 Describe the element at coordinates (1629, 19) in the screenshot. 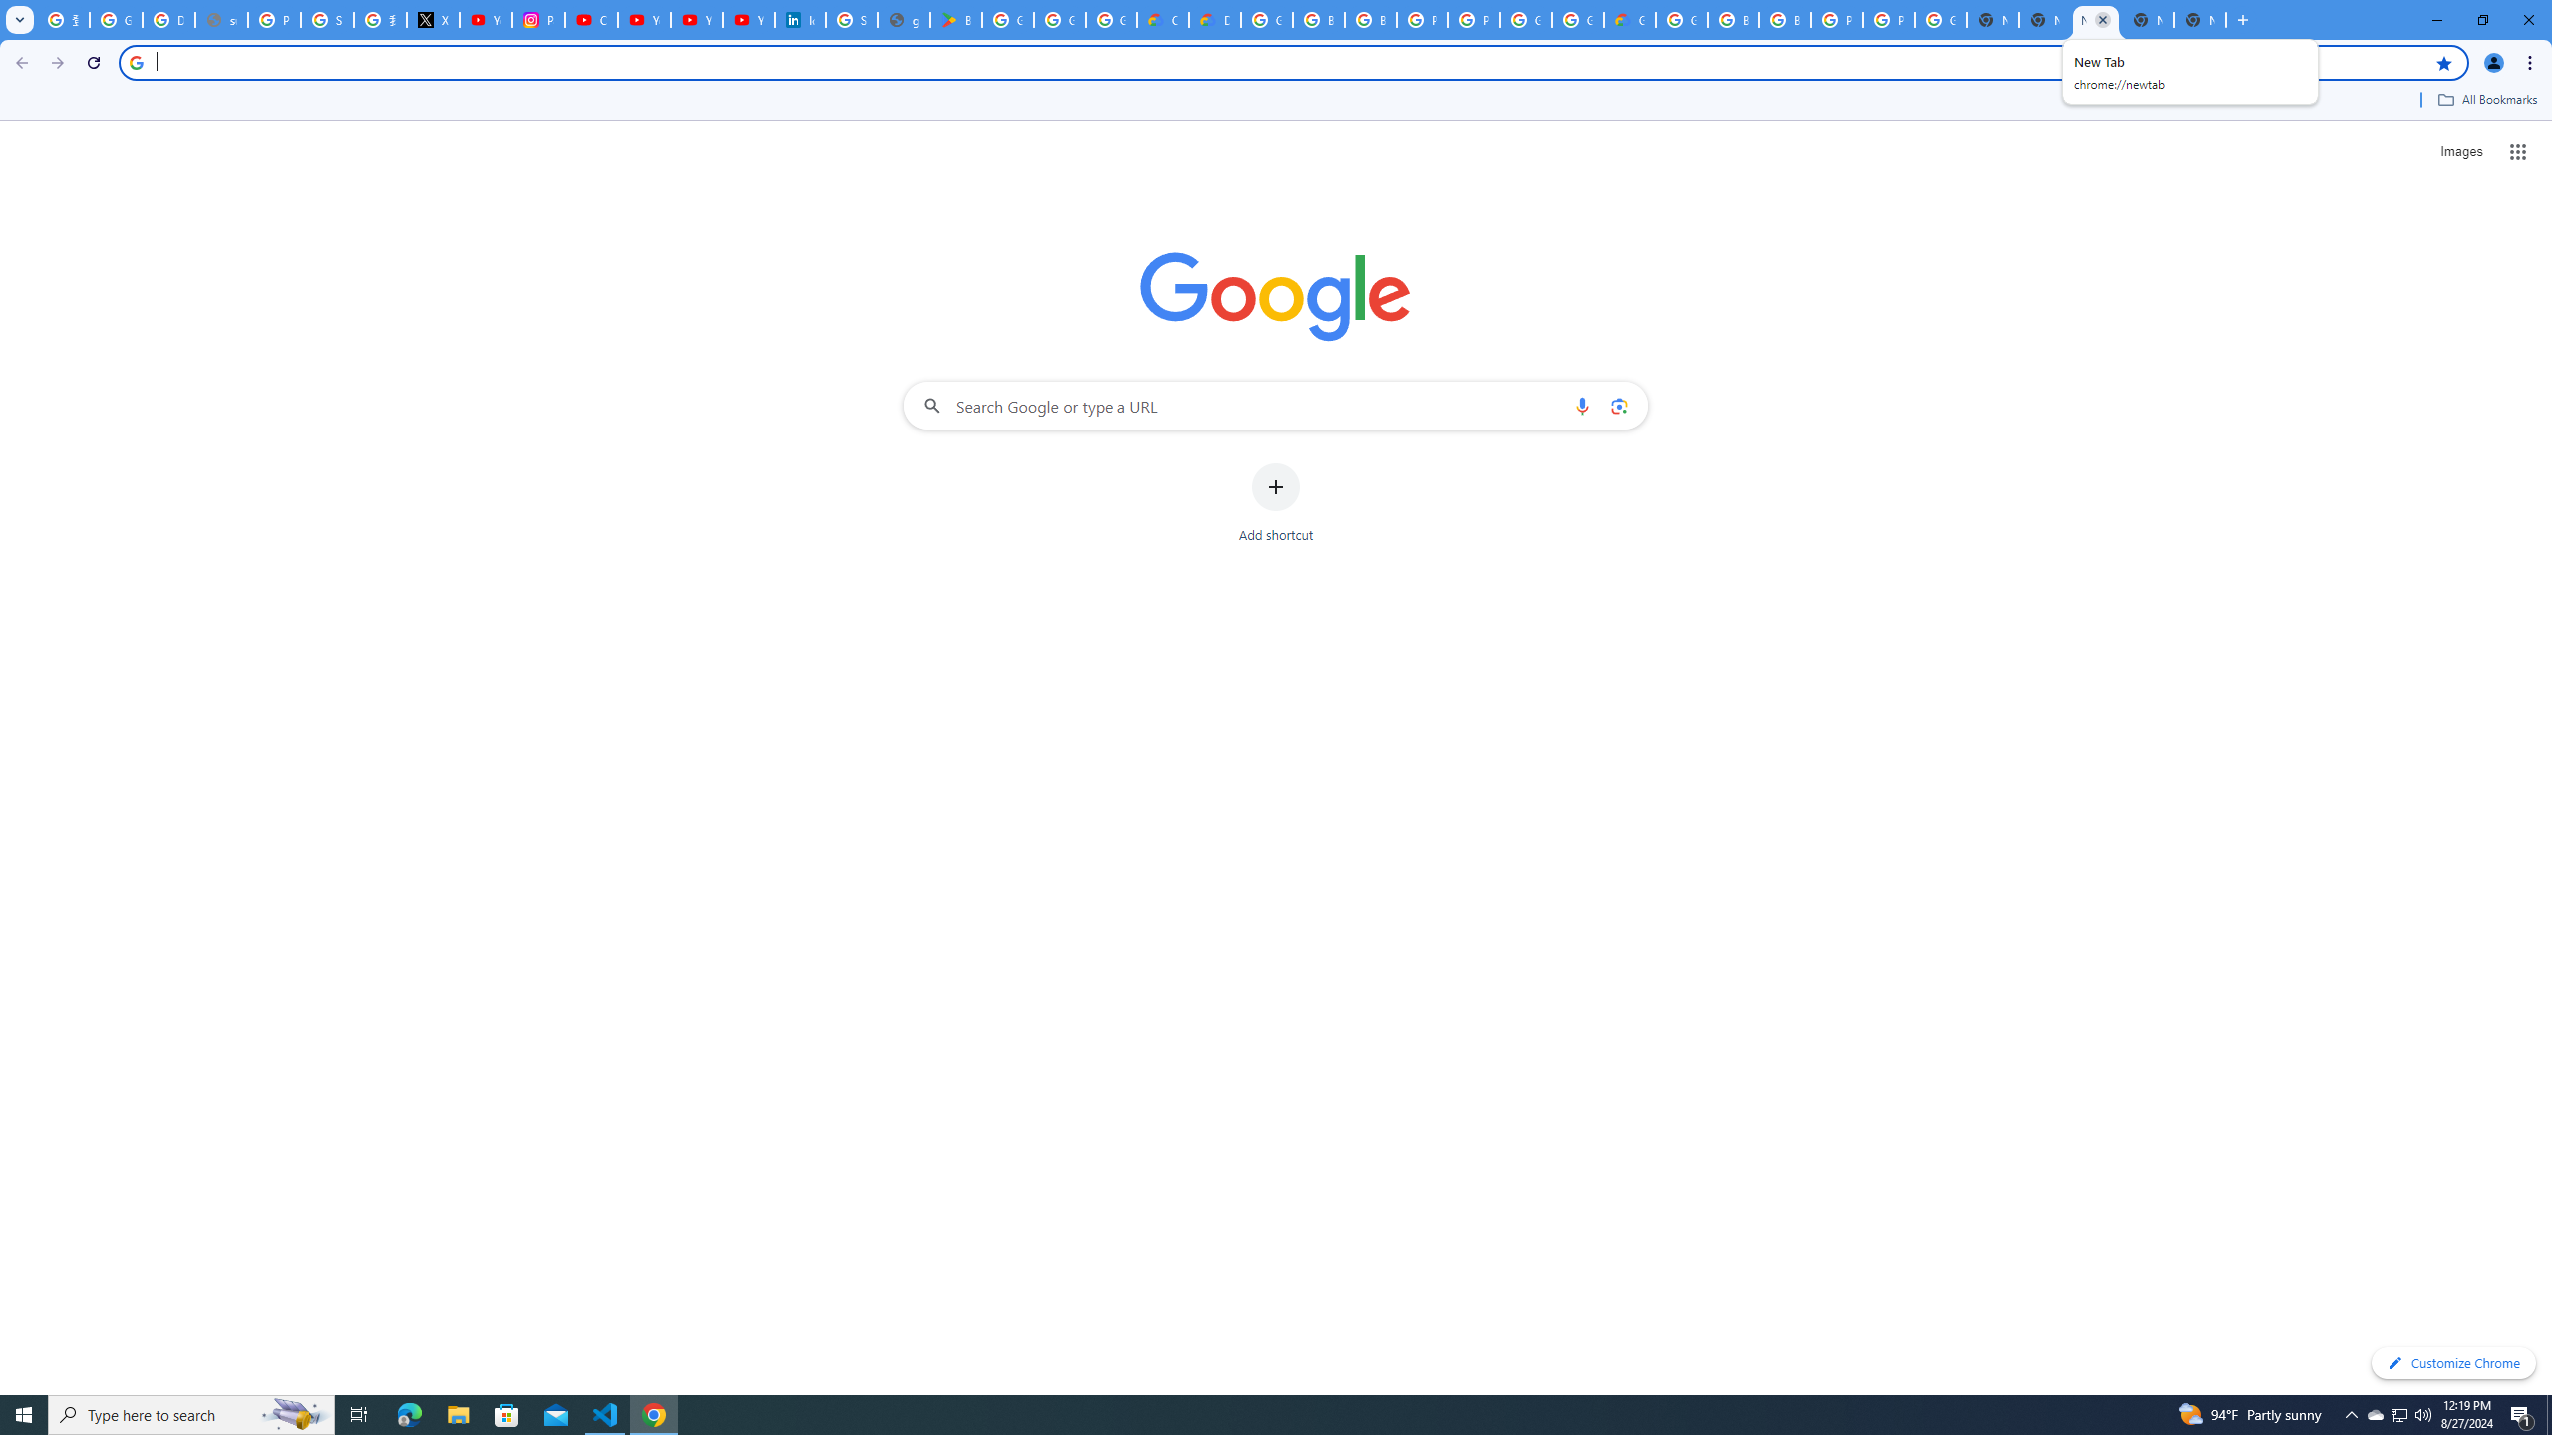

I see `'Google Cloud Estimate Summary'` at that location.